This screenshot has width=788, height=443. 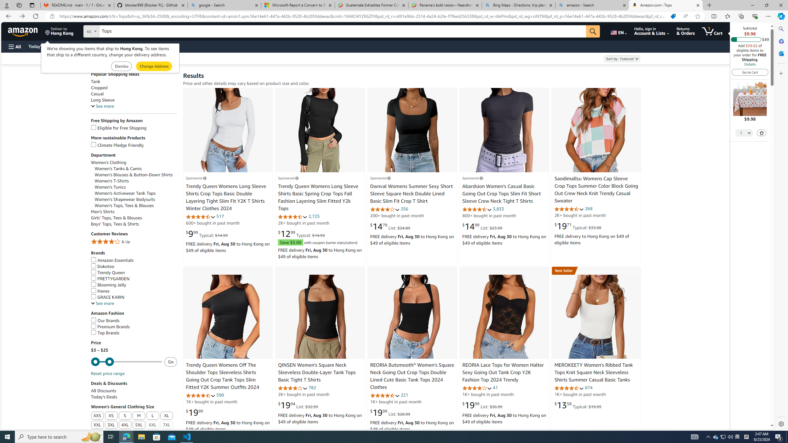 I want to click on 'All Discounts', so click(x=134, y=390).